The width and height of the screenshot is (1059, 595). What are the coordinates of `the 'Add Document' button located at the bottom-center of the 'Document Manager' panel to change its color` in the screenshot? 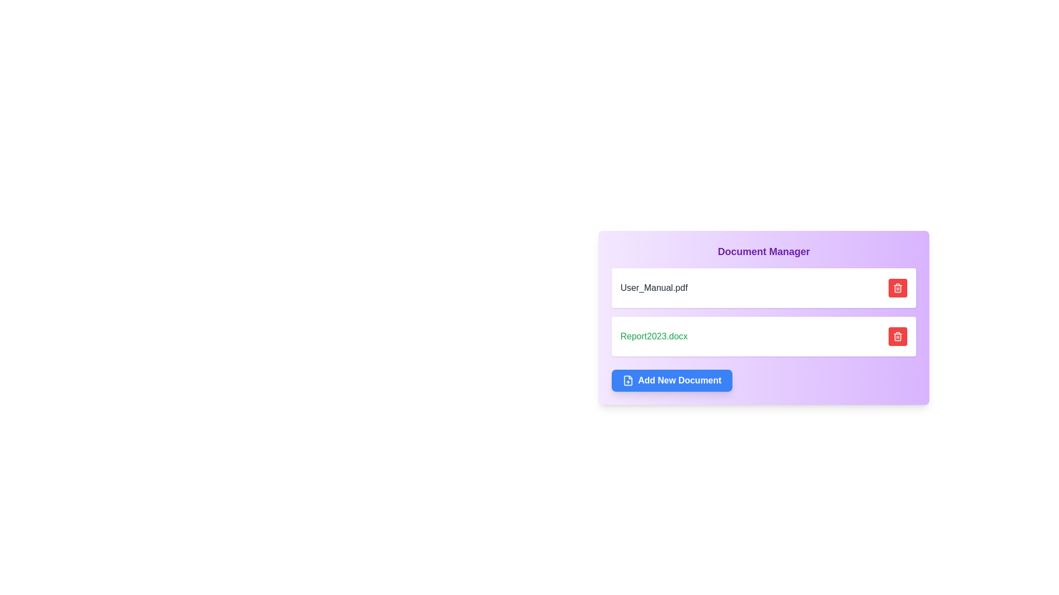 It's located at (671, 380).